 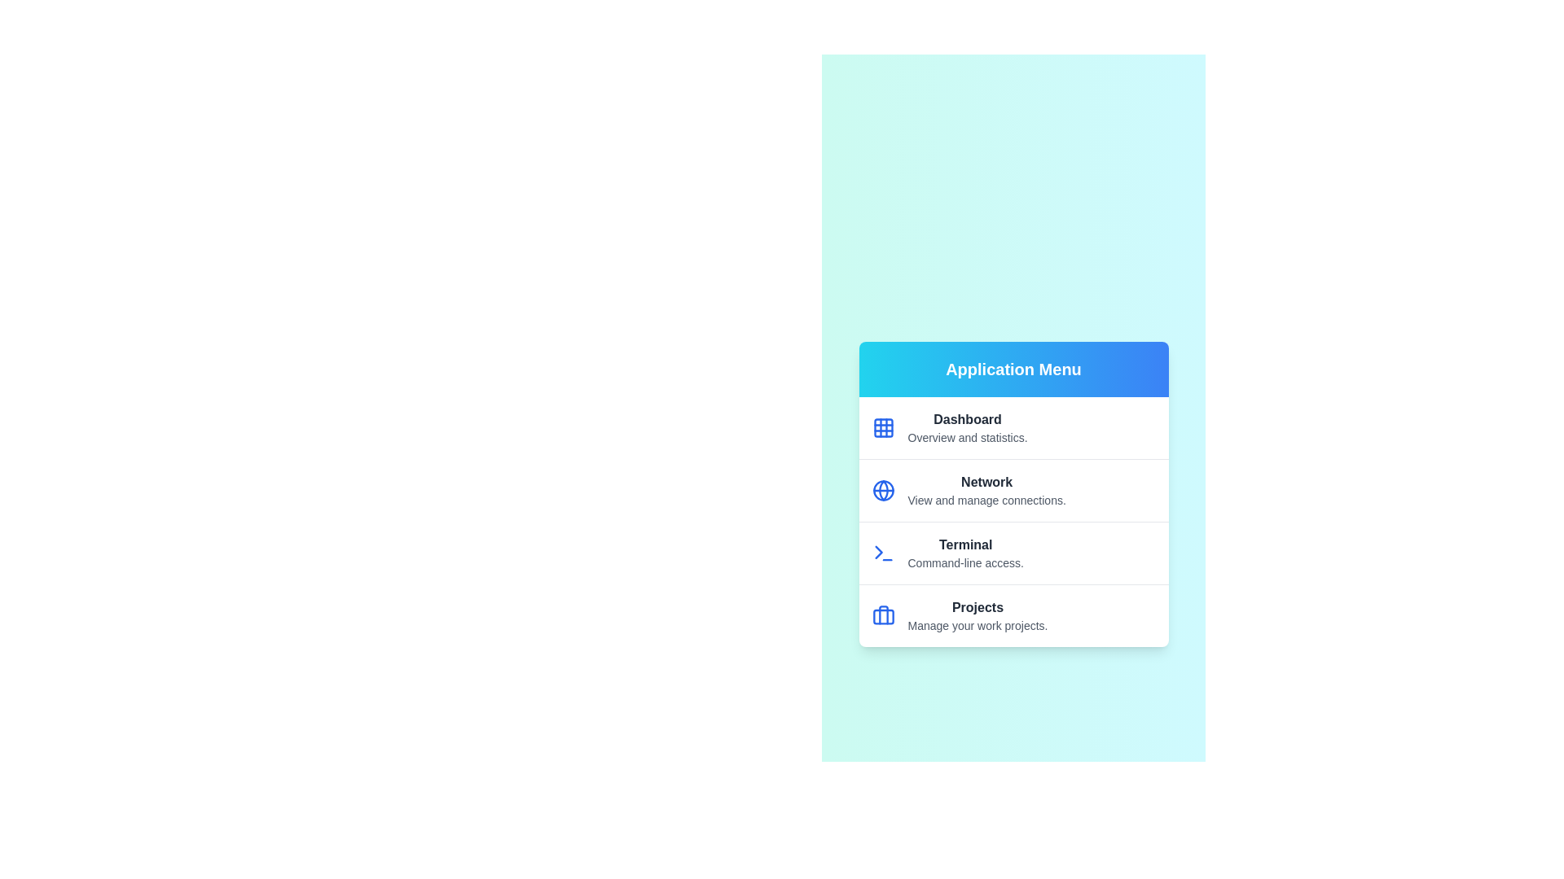 I want to click on the icon for the menu item labeled Terminal, so click(x=882, y=552).